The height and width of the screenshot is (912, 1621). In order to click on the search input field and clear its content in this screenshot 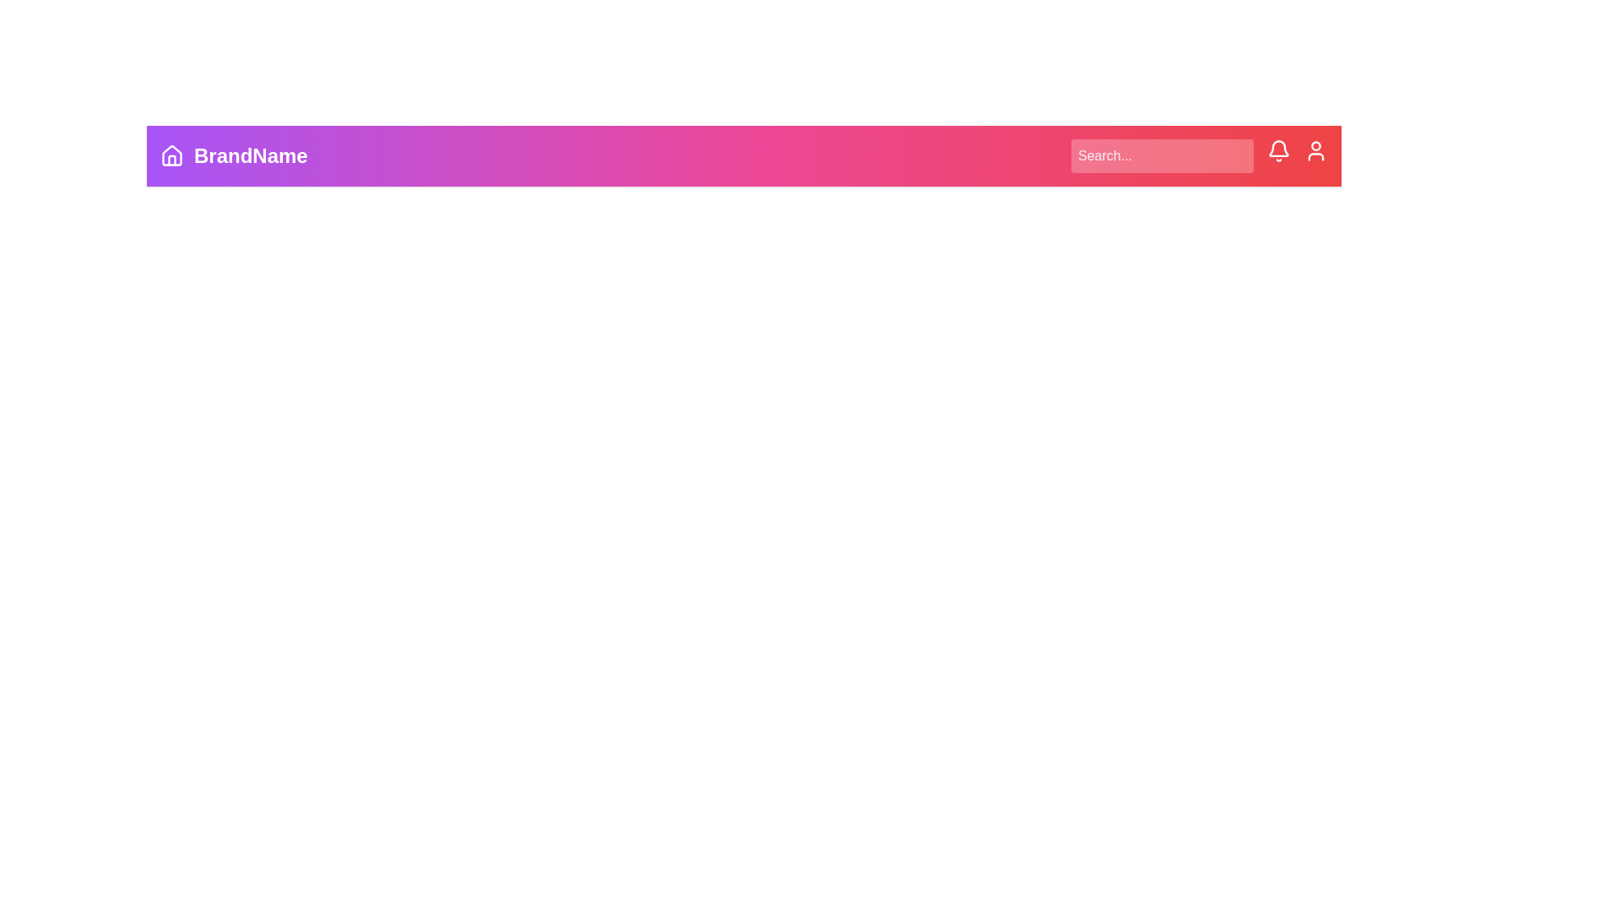, I will do `click(1162, 156)`.